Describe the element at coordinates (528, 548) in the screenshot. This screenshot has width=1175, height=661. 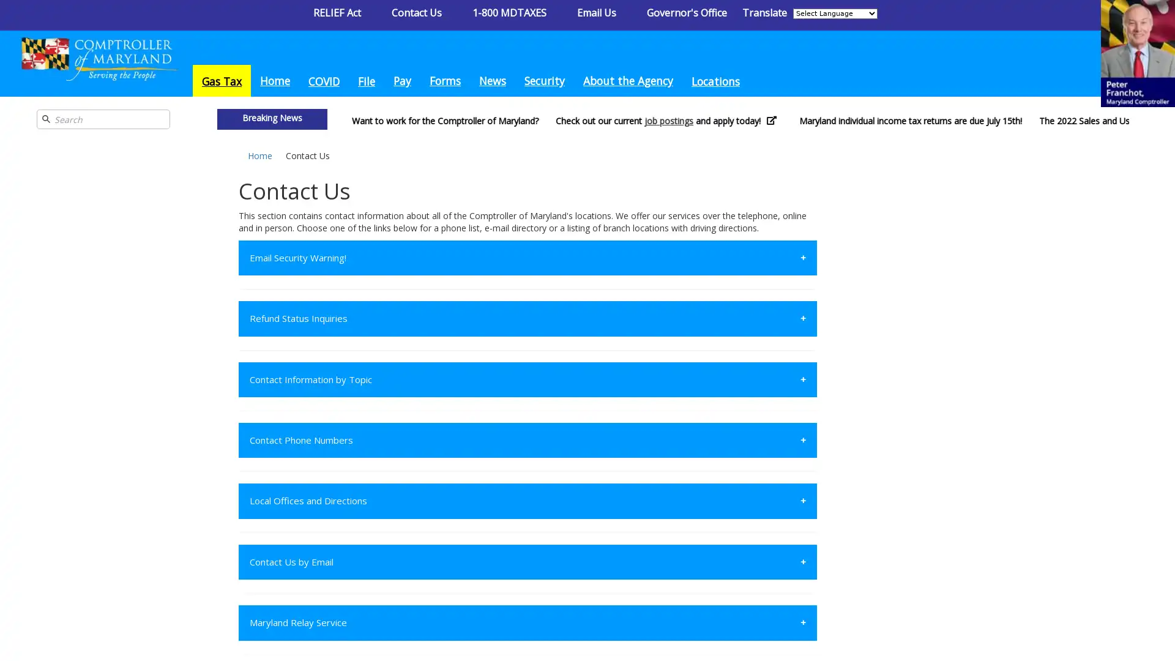
I see `Contact Compliance +` at that location.